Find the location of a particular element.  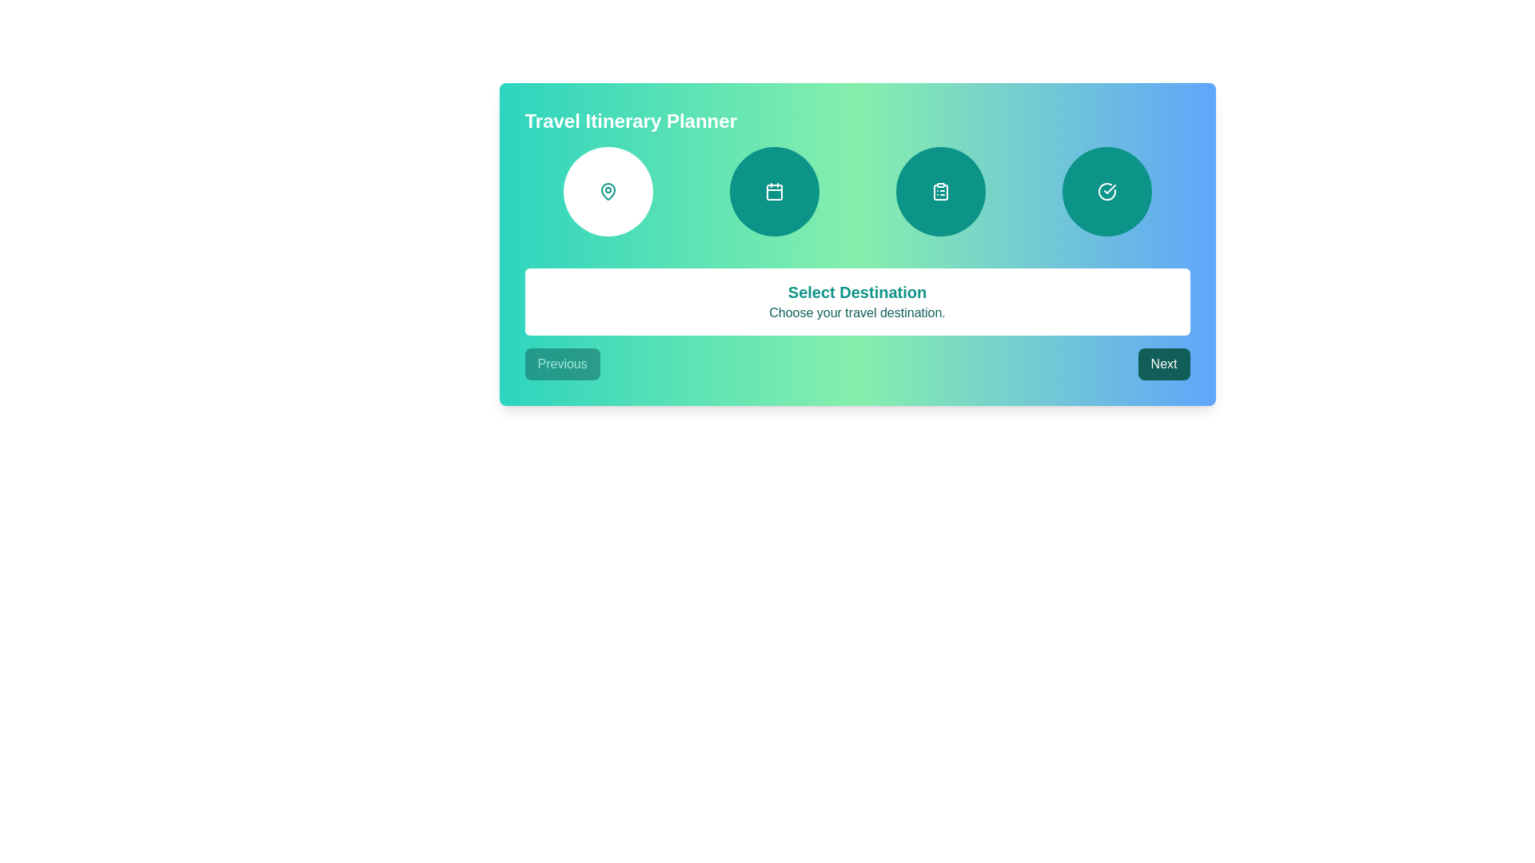

the second circular icon of the calendar, which is part of a calendar icon representation near the top of the layout is located at coordinates (774, 191).